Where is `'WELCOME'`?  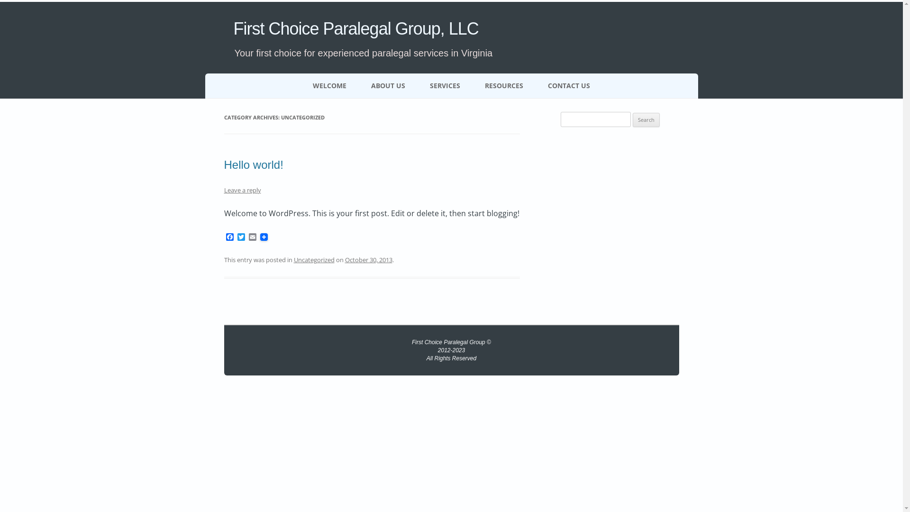
'WELCOME' is located at coordinates (329, 86).